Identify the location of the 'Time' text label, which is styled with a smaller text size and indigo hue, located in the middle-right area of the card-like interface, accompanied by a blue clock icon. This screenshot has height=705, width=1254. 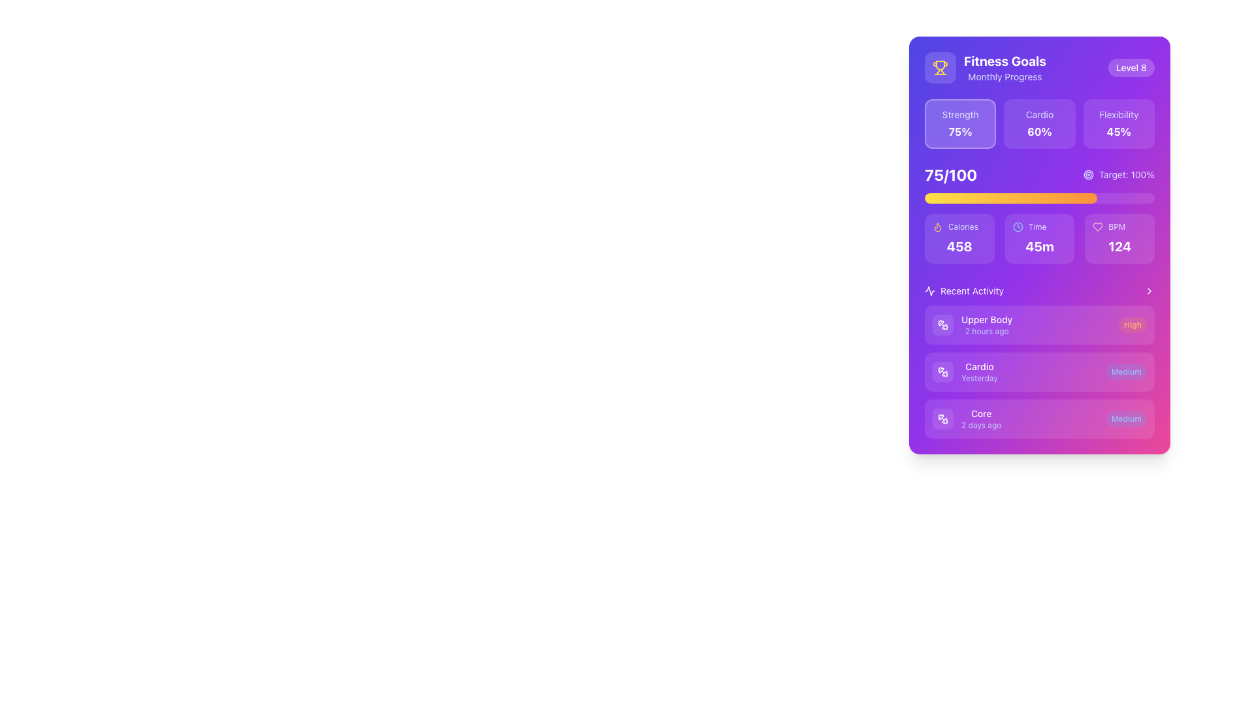
(1039, 226).